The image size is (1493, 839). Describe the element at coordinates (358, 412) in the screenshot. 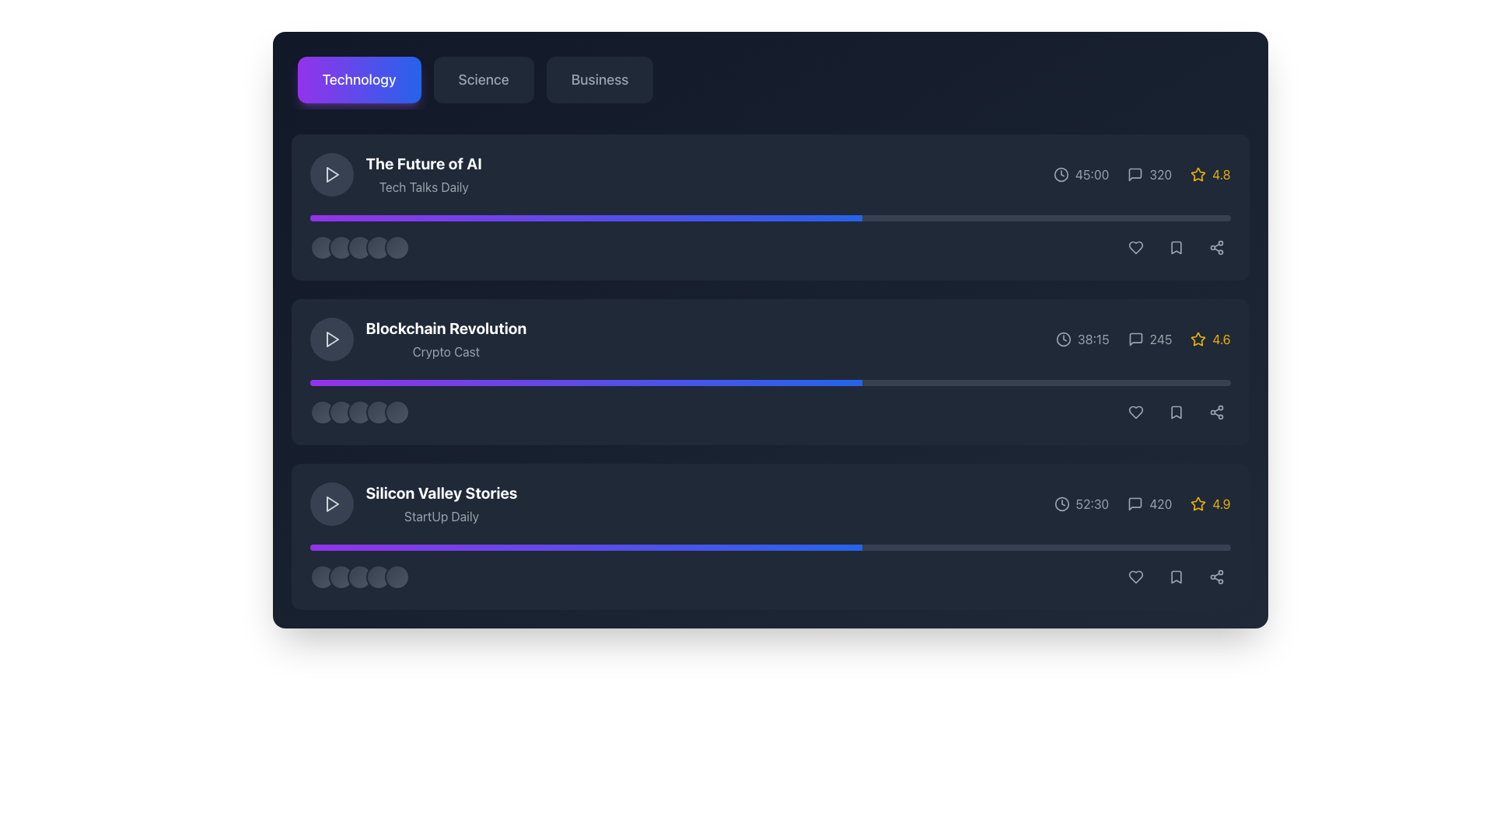

I see `the third circular progress node with a gradient fill in the 'Blockchain Revolution' section` at that location.